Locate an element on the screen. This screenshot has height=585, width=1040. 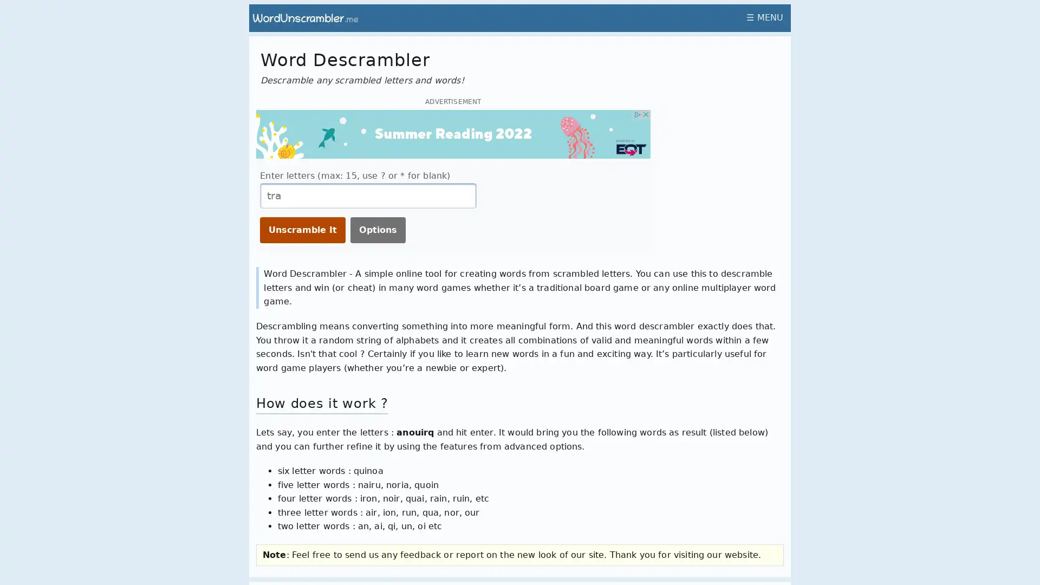
Unscramble It is located at coordinates (302, 229).